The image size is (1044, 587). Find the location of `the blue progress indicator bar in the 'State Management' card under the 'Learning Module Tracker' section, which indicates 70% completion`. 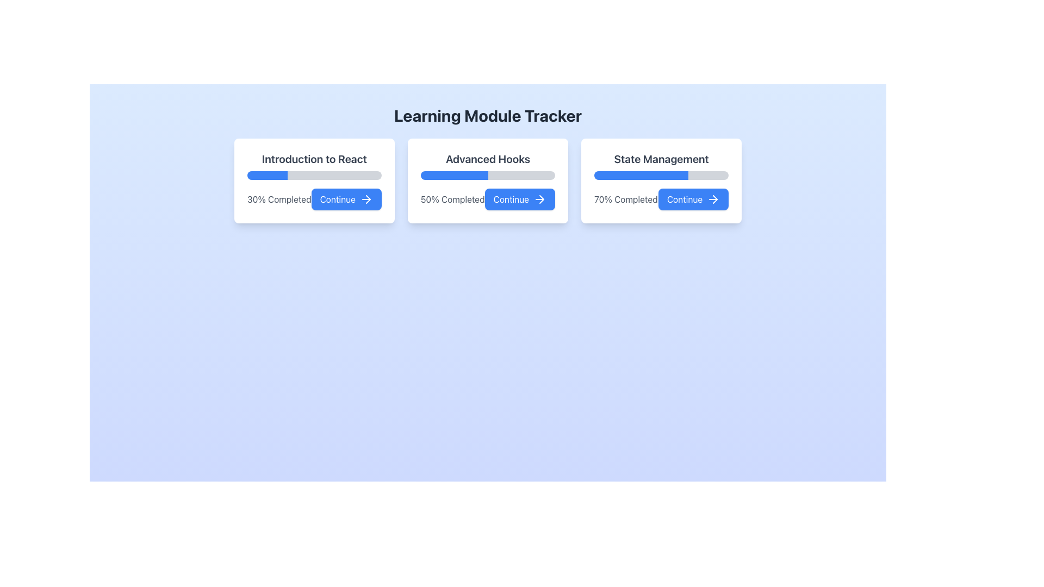

the blue progress indicator bar in the 'State Management' card under the 'Learning Module Tracker' section, which indicates 70% completion is located at coordinates (641, 175).